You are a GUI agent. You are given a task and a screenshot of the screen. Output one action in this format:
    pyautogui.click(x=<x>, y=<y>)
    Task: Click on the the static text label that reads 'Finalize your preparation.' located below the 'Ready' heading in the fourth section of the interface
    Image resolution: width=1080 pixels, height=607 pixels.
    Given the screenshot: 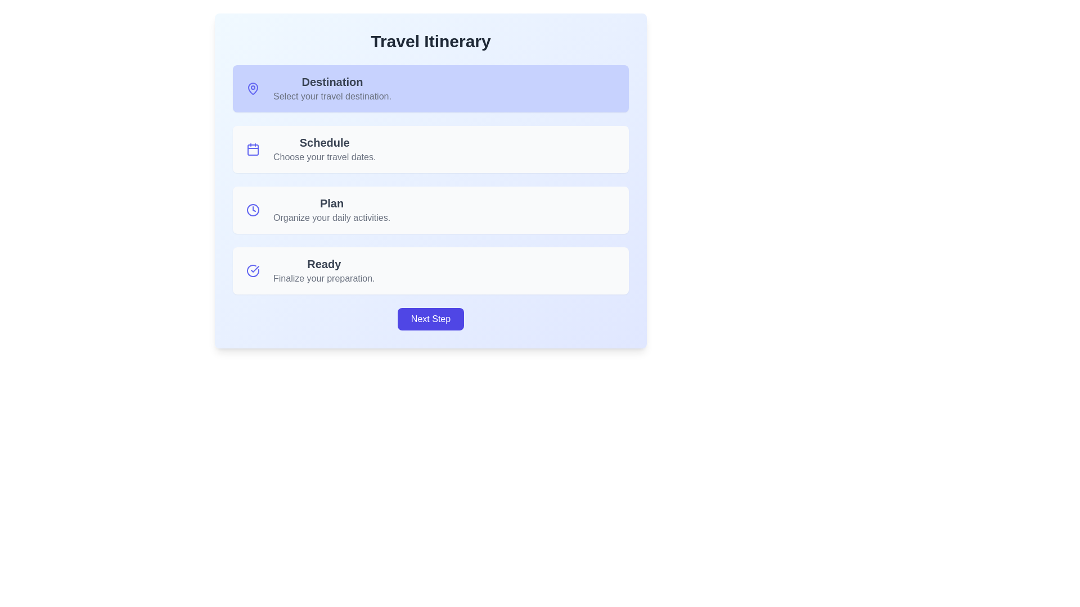 What is the action you would take?
    pyautogui.click(x=323, y=278)
    